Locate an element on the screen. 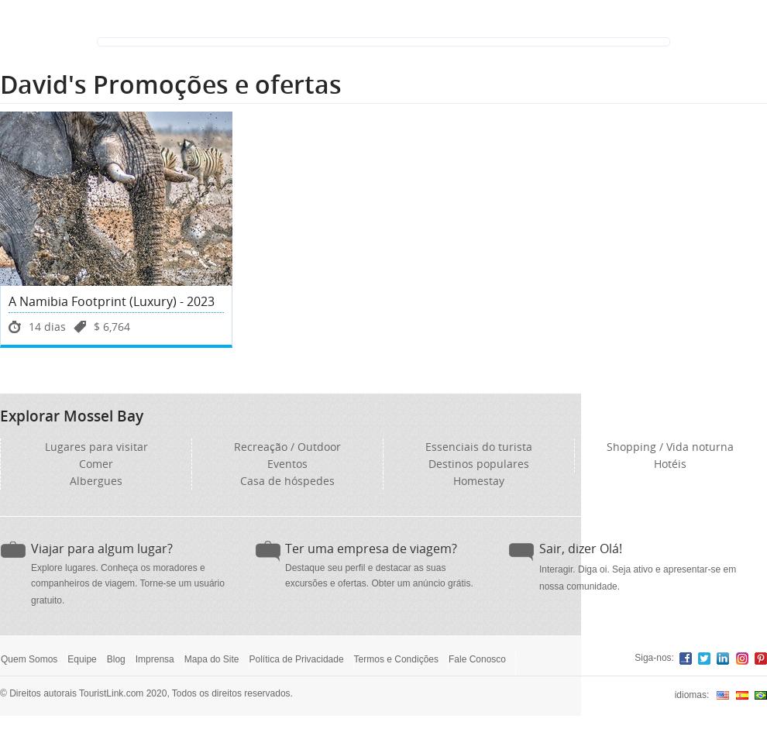 The height and width of the screenshot is (736, 767). 'Destaque seu perfil e destacar as suas excursões e ofertas.' is located at coordinates (365, 574).